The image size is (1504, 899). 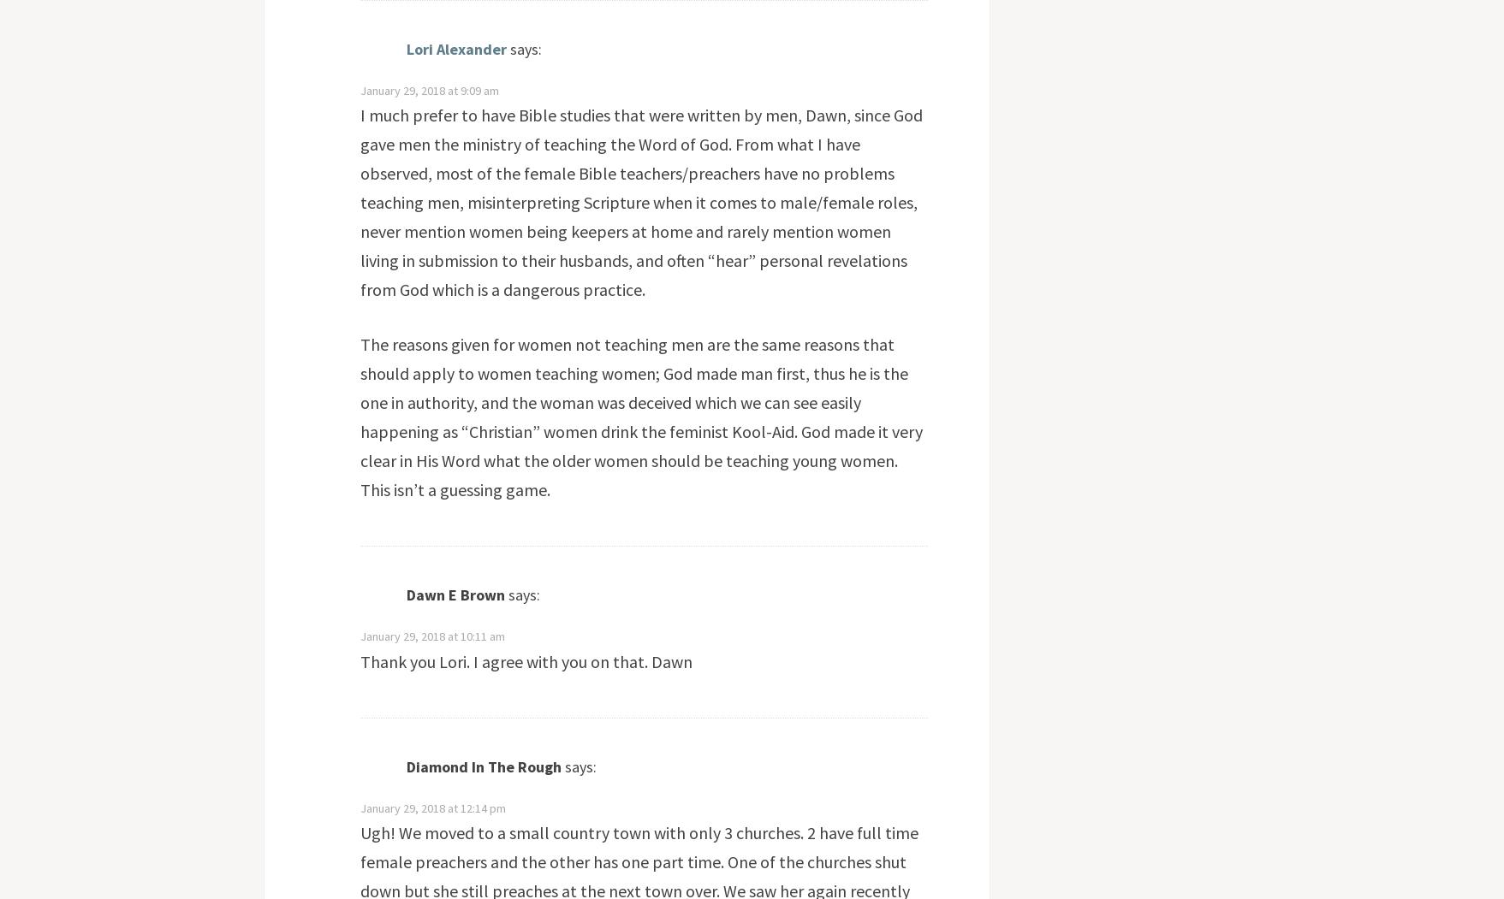 What do you see at coordinates (431, 636) in the screenshot?
I see `'January 29, 2018 at 10:11 am'` at bounding box center [431, 636].